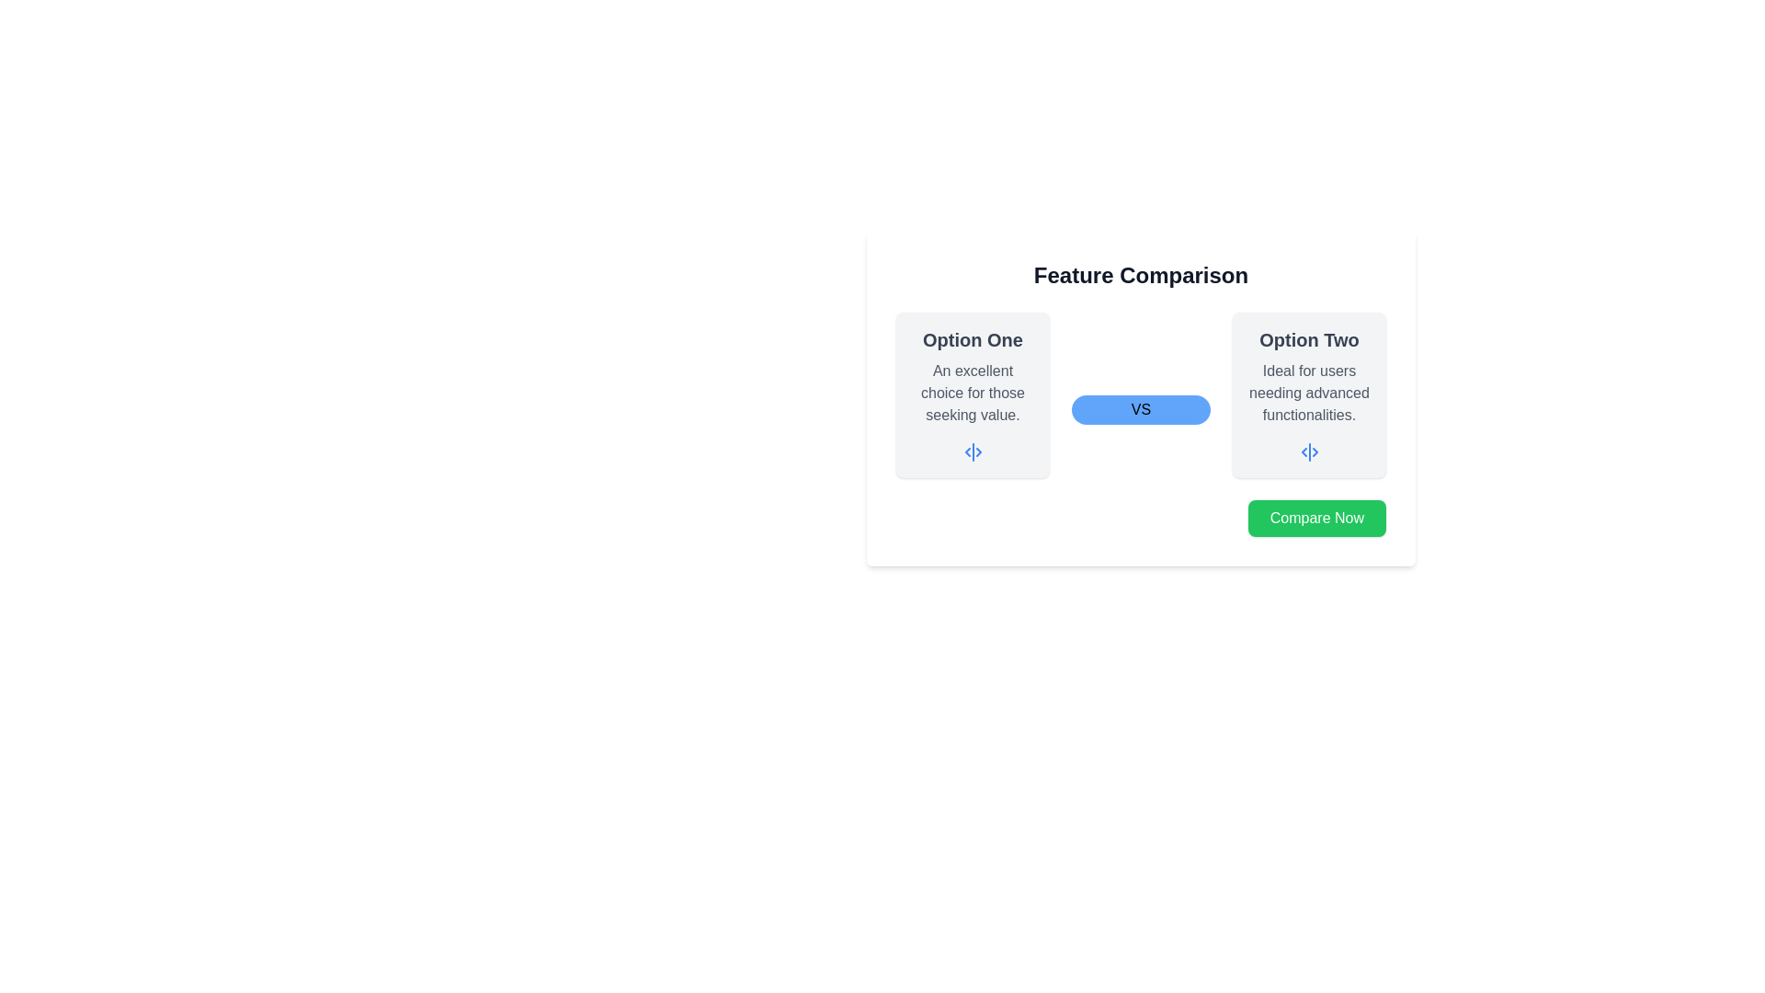  What do you see at coordinates (1308, 393) in the screenshot?
I see `the descriptive text located below the title of the 'Option Two' card in the right column of the UI layout` at bounding box center [1308, 393].